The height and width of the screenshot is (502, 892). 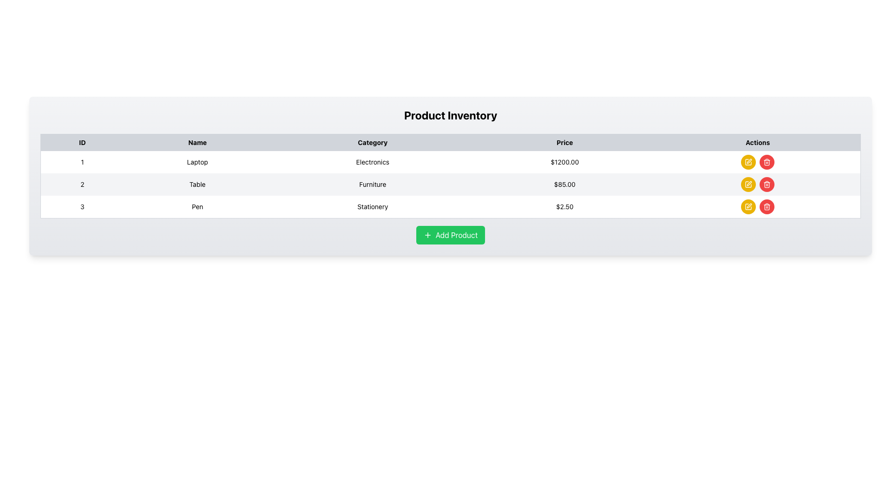 I want to click on text label representing the unique identifier for the entry in the second row of the table under the 'ID' column, so click(x=82, y=185).